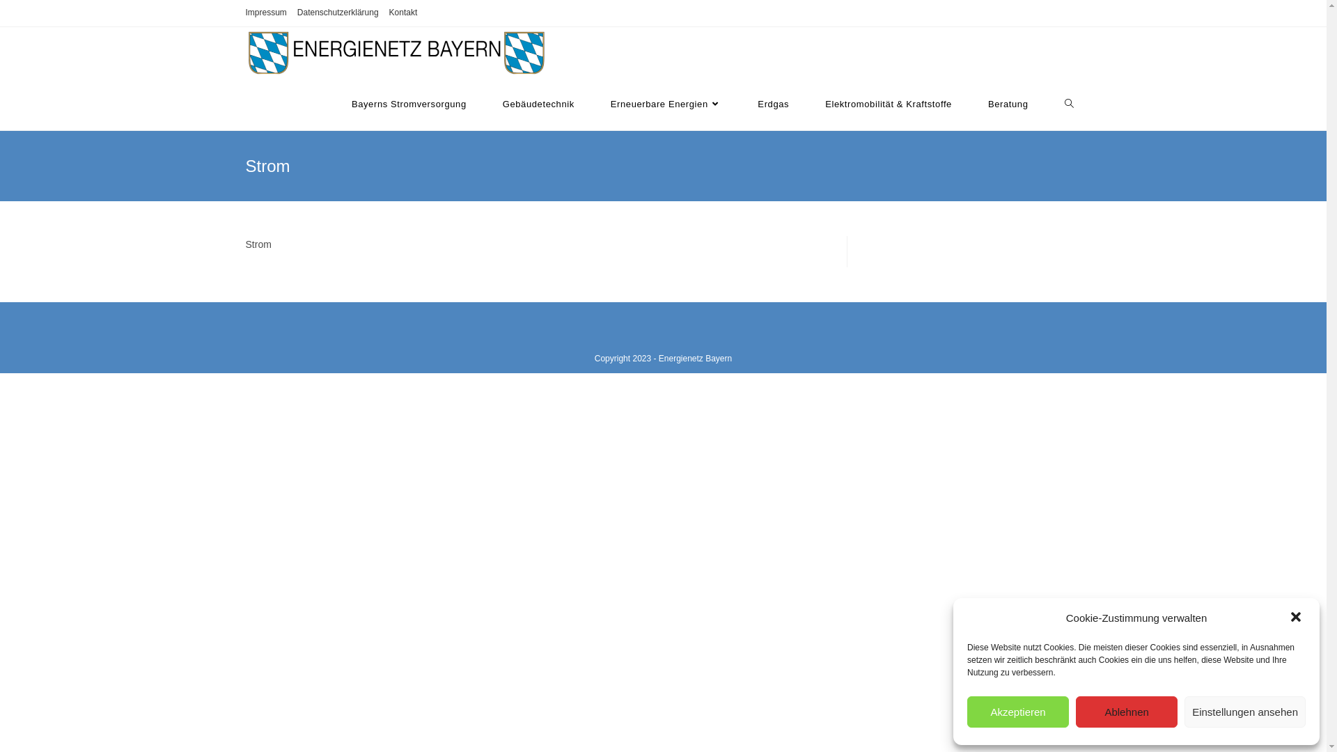  Describe the element at coordinates (1008, 104) in the screenshot. I see `'Beratung'` at that location.